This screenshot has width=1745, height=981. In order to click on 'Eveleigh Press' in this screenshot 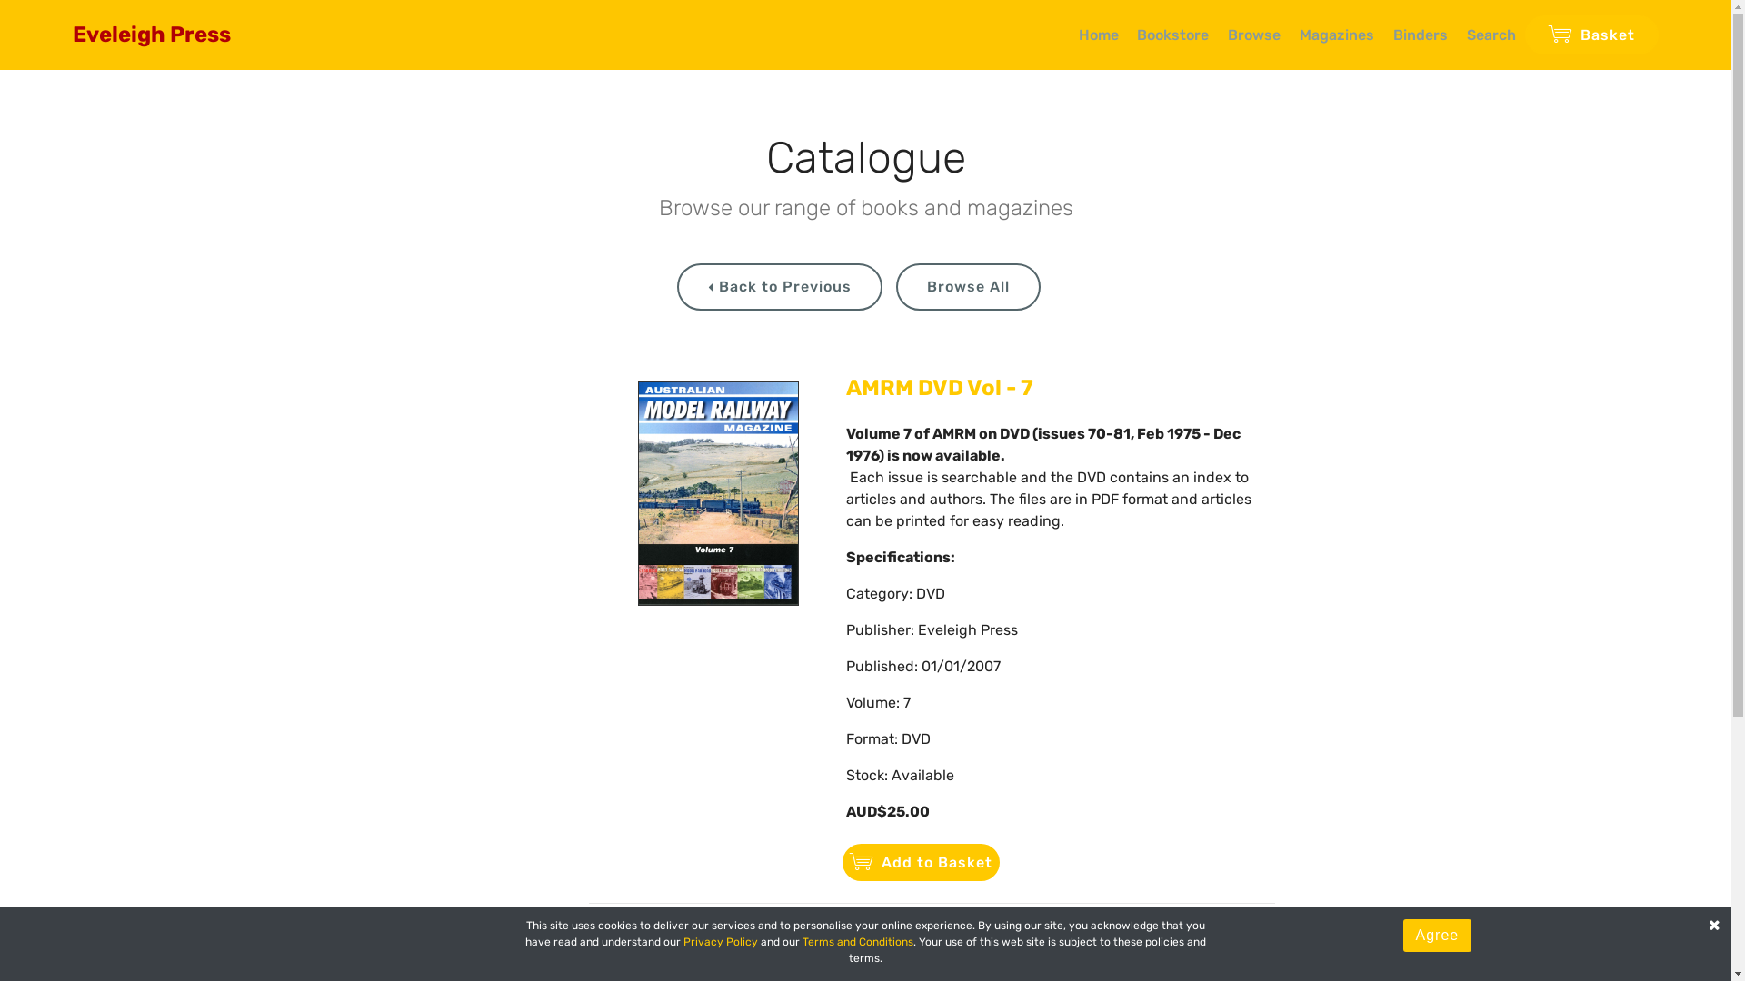, I will do `click(165, 35)`.